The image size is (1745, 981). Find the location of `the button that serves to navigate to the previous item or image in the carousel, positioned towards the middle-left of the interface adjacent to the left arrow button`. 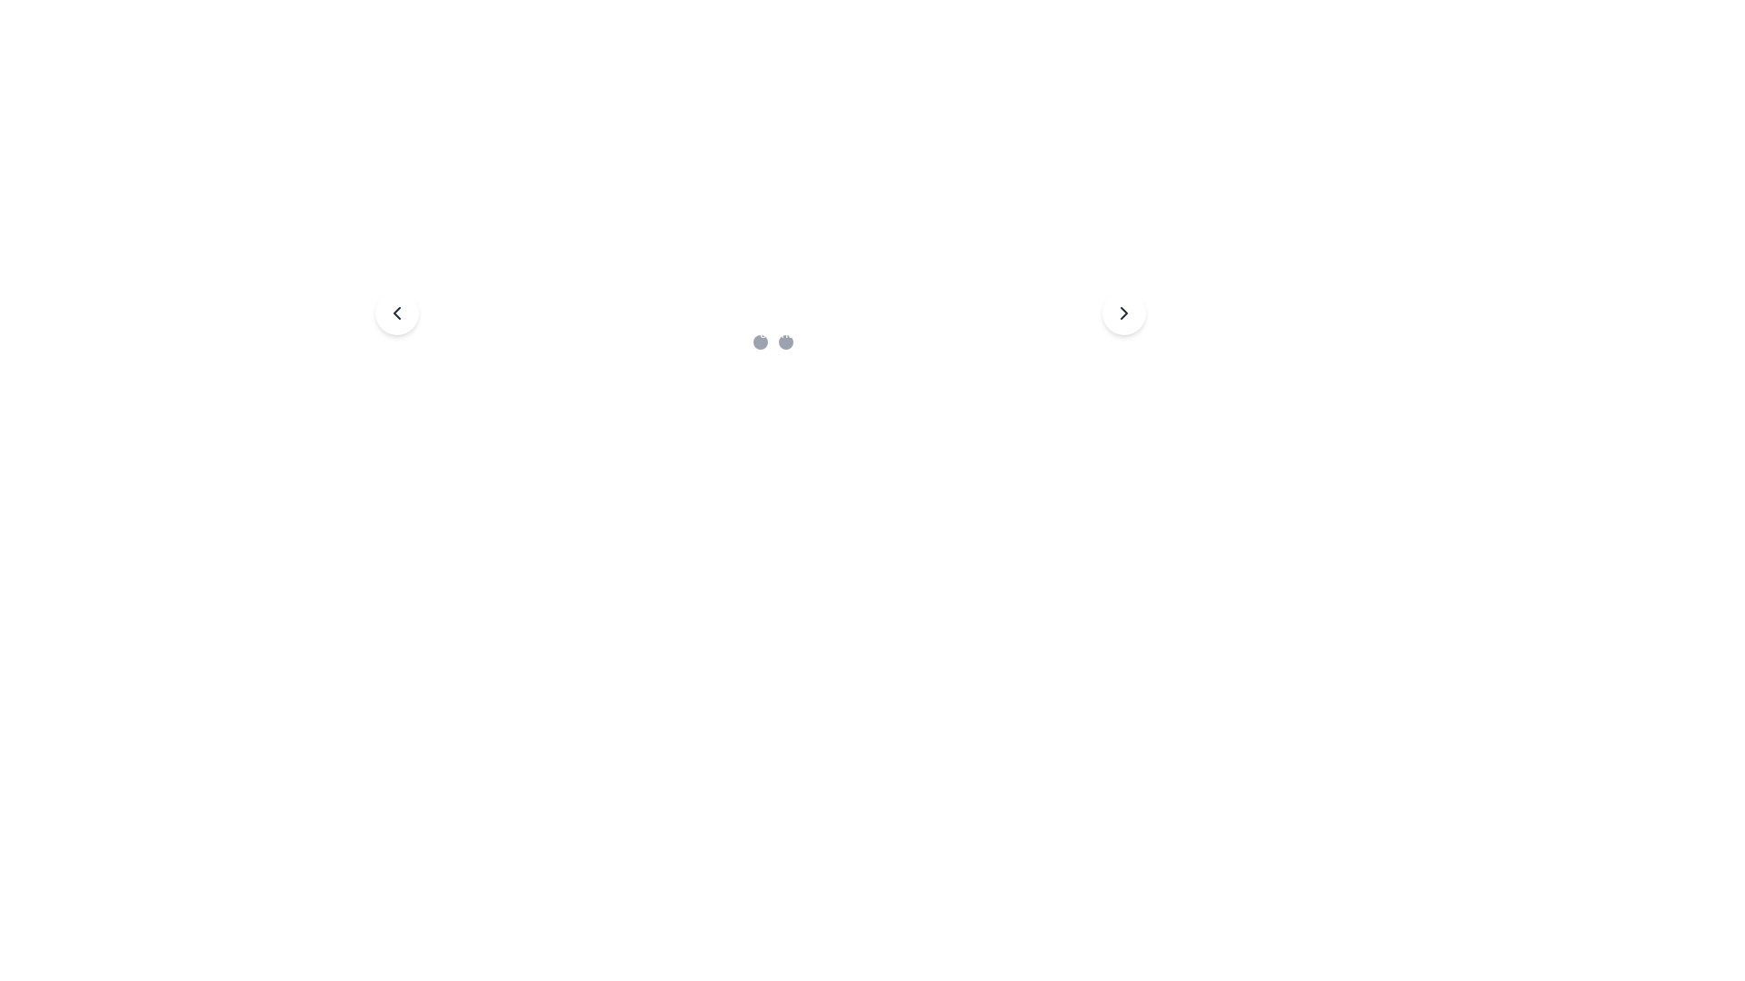

the button that serves to navigate to the previous item or image in the carousel, positioned towards the middle-left of the interface adjacent to the left arrow button is located at coordinates (395, 312).